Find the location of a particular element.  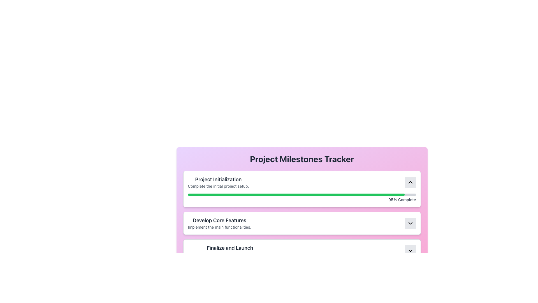

the Progress Indicator that visually indicates 95% completion of the 'Project Initialization' task within the 'Project Milestones Tracker' interface is located at coordinates (296, 194).